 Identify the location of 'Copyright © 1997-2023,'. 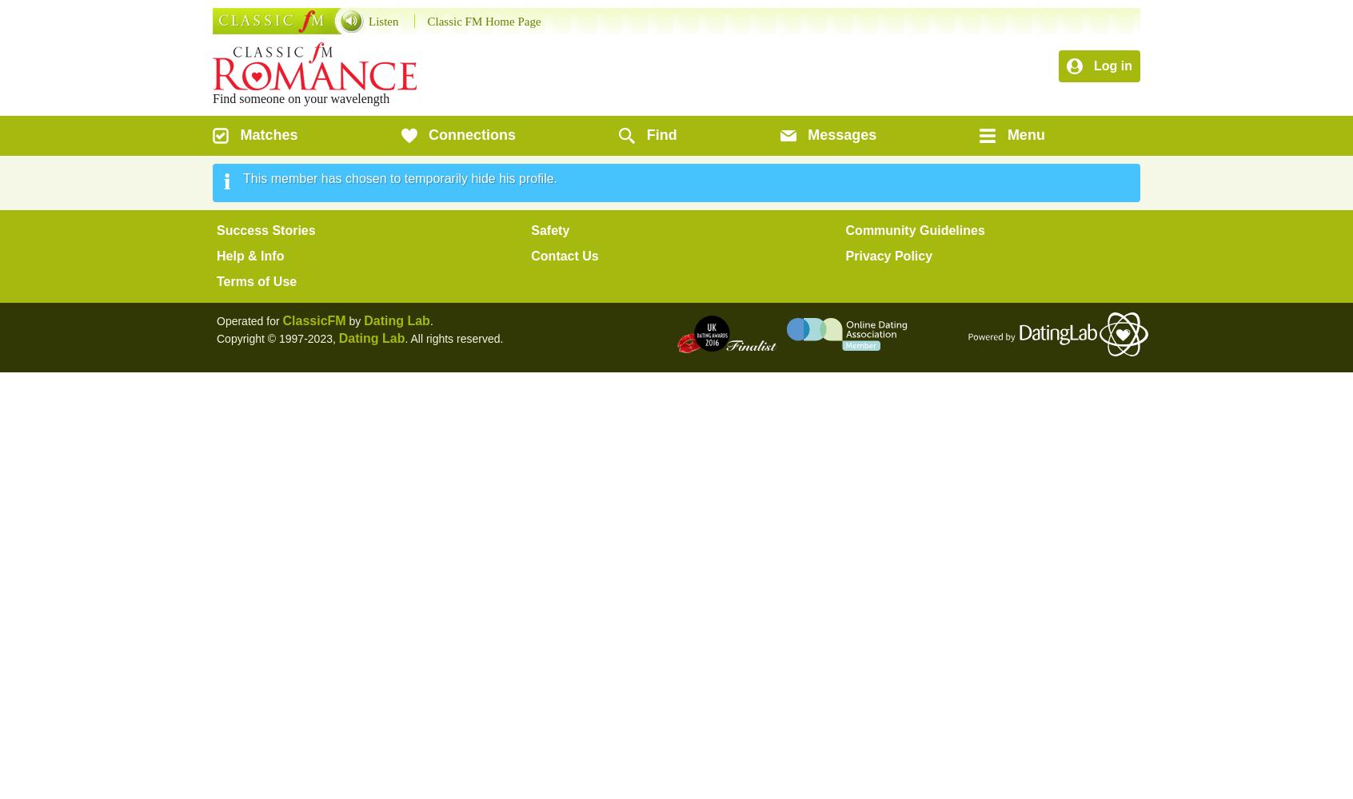
(277, 339).